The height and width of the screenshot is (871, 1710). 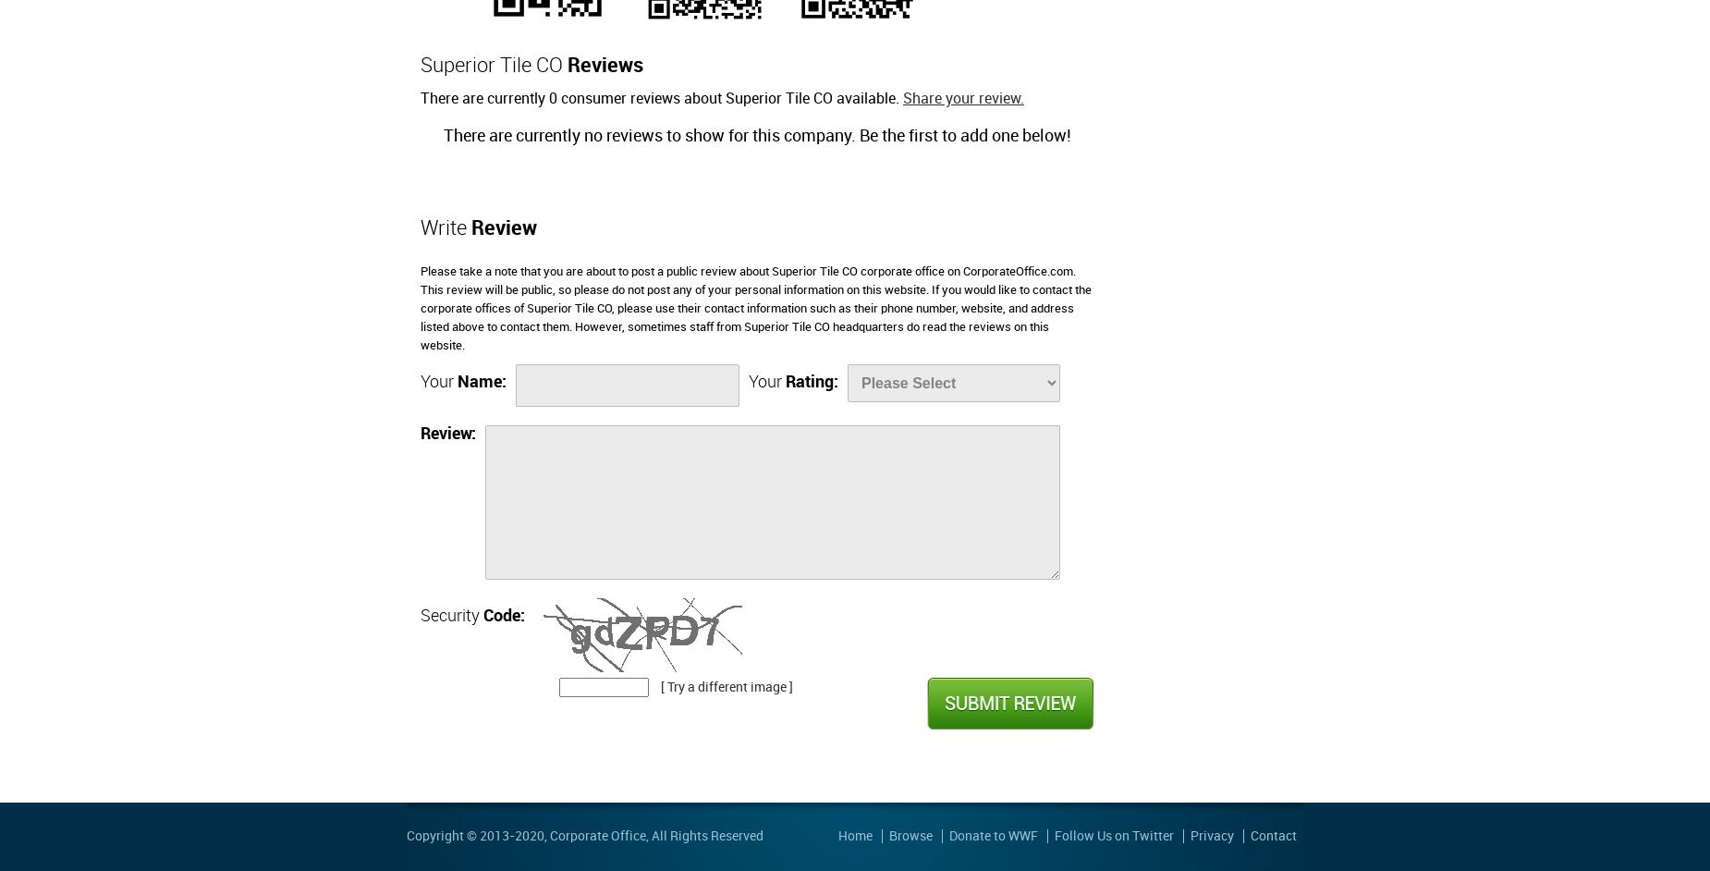 I want to click on 'Superior Tile CO', so click(x=494, y=65).